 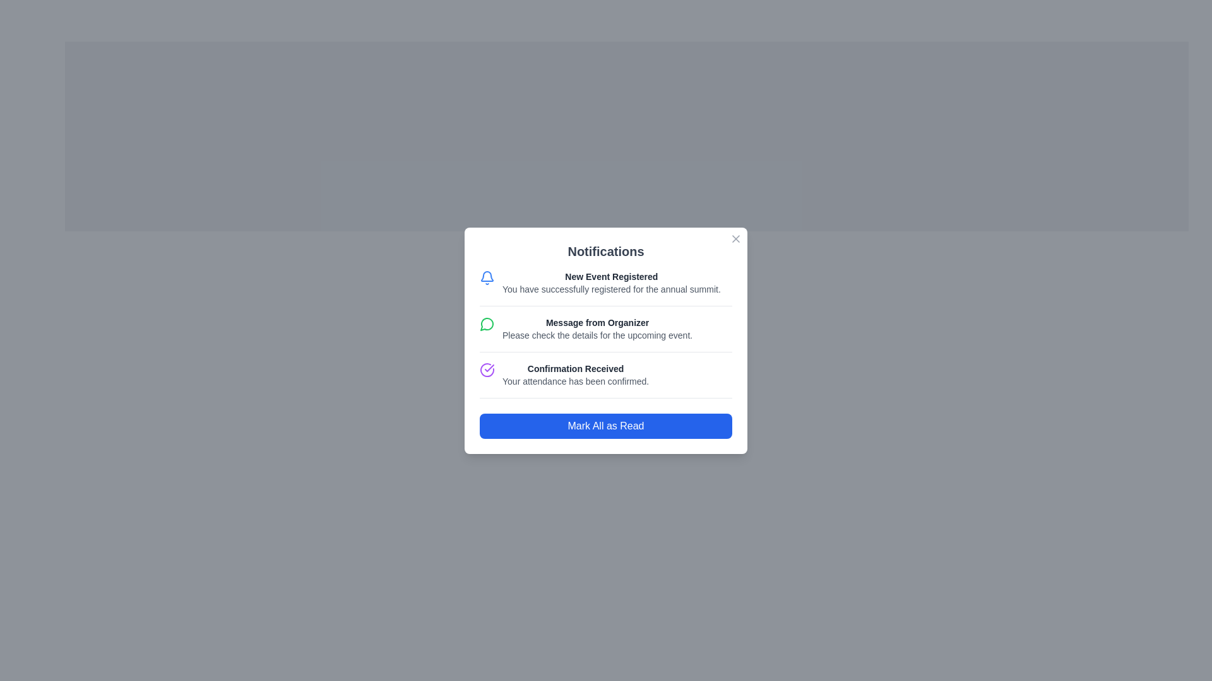 What do you see at coordinates (606, 288) in the screenshot?
I see `the notification indicating successful registration for the event located at the top of the notification list in the dialog` at bounding box center [606, 288].